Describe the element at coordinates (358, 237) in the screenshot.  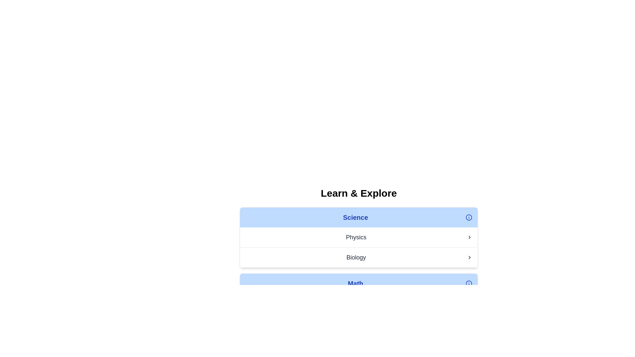
I see `the first item in the 'Science' section of the list, which is related to 'Physics'` at that location.